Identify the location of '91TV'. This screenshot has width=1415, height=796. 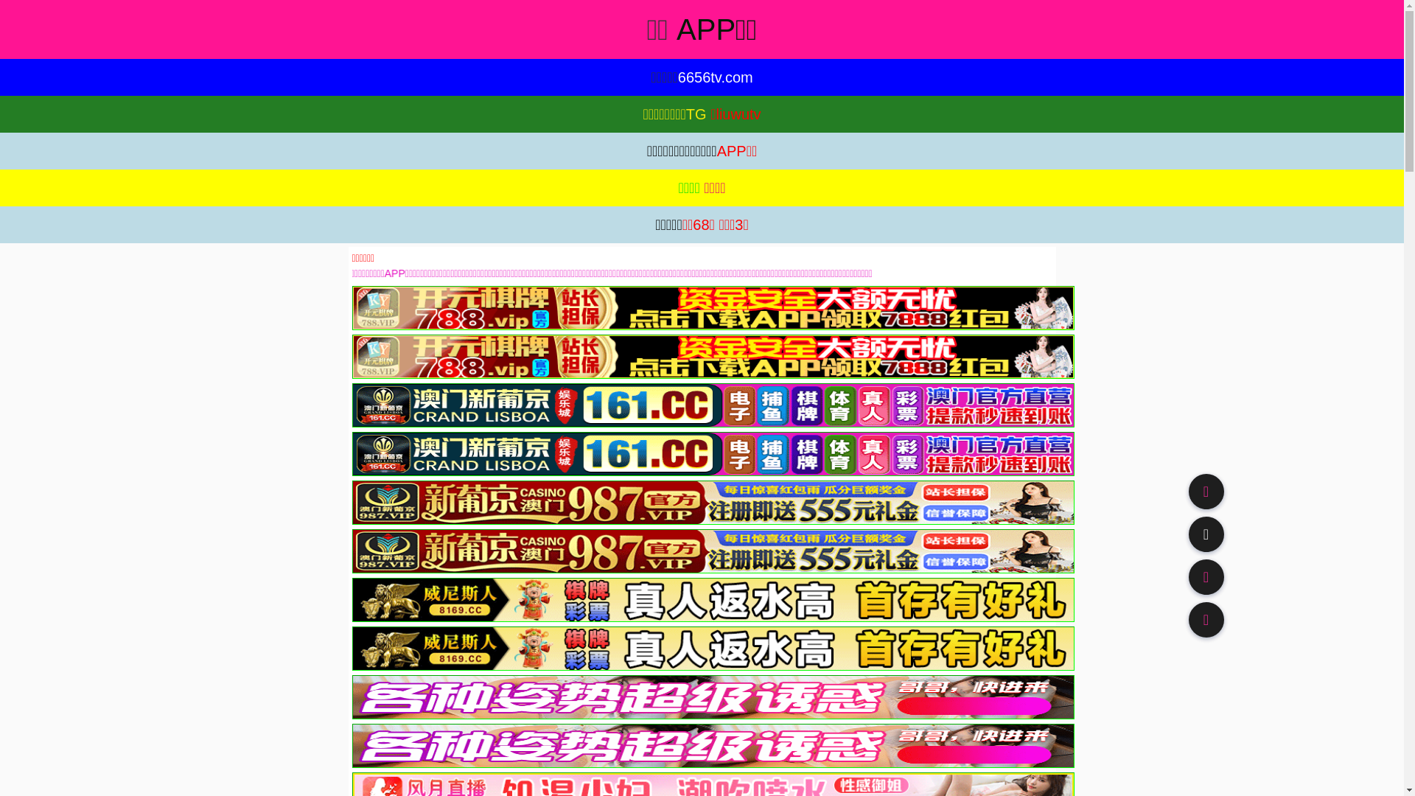
(1206, 576).